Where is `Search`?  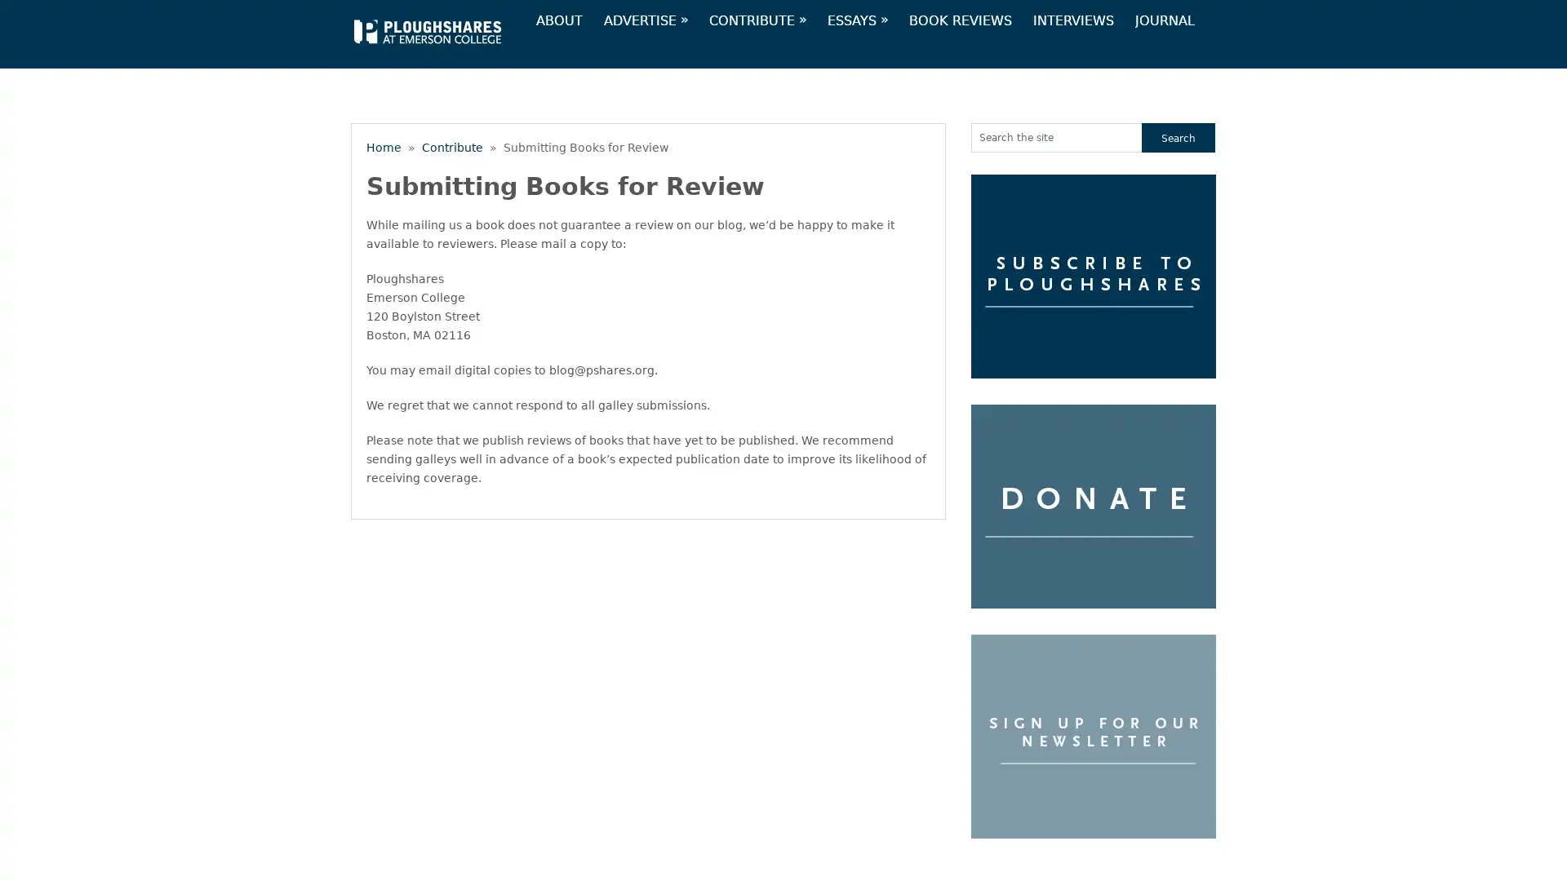
Search is located at coordinates (1179, 137).